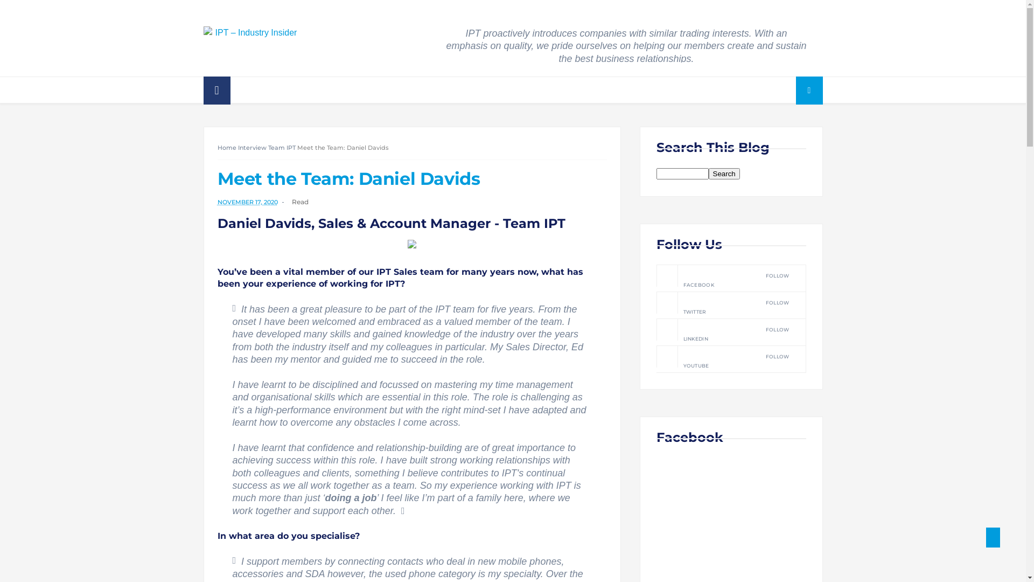 The width and height of the screenshot is (1034, 582). Describe the element at coordinates (252, 202) in the screenshot. I see `'NOVEMBER 17, 2020'` at that location.